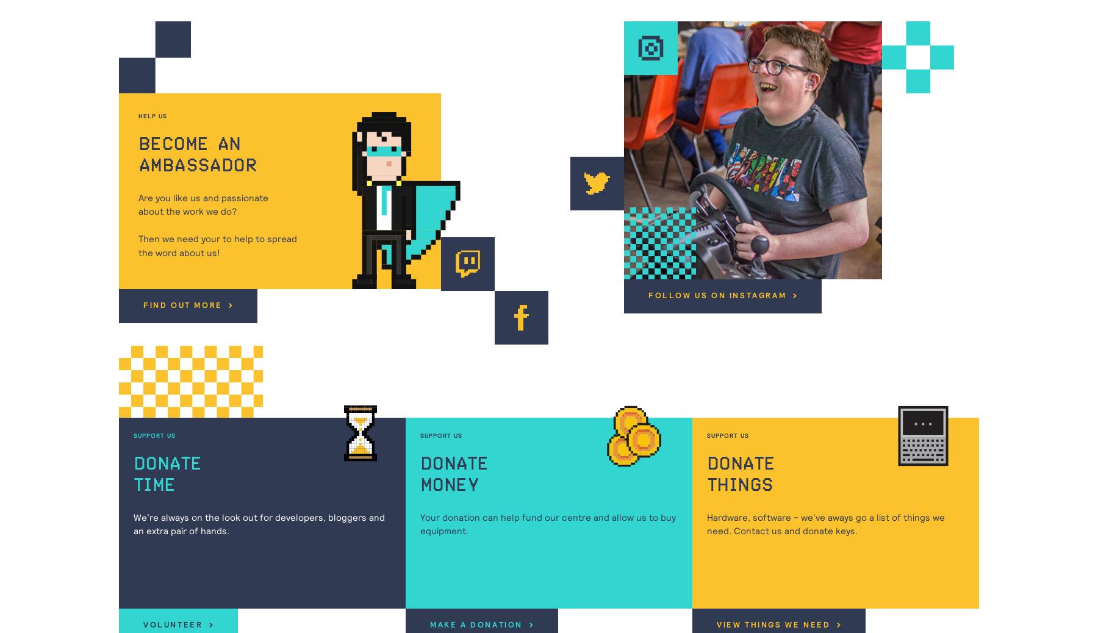 The height and width of the screenshot is (633, 1098). Describe the element at coordinates (178, 252) in the screenshot. I see `'the word about us!'` at that location.